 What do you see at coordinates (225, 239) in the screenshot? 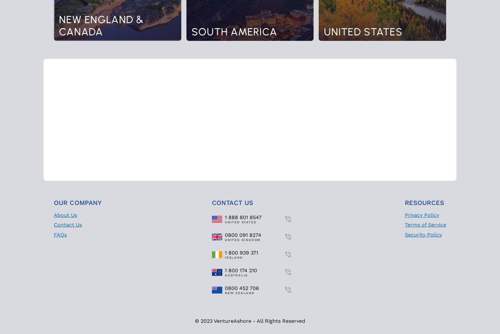
I see `'United Kingdom'` at bounding box center [225, 239].